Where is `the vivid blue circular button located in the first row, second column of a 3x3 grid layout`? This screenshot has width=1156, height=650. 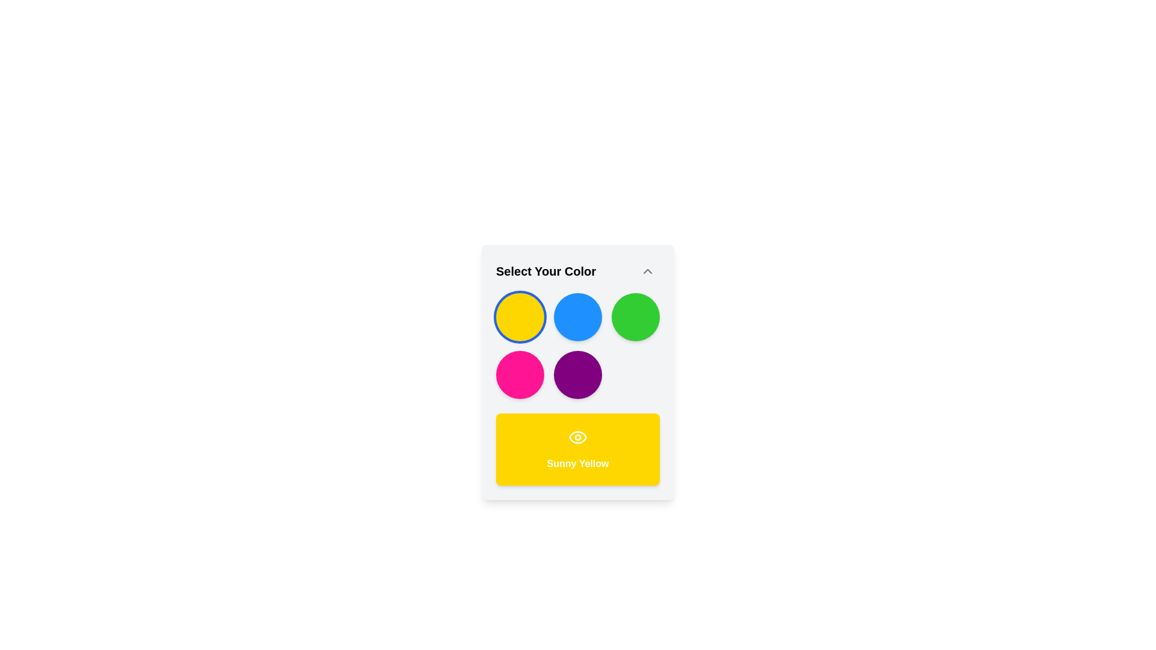
the vivid blue circular button located in the first row, second column of a 3x3 grid layout is located at coordinates (578, 317).